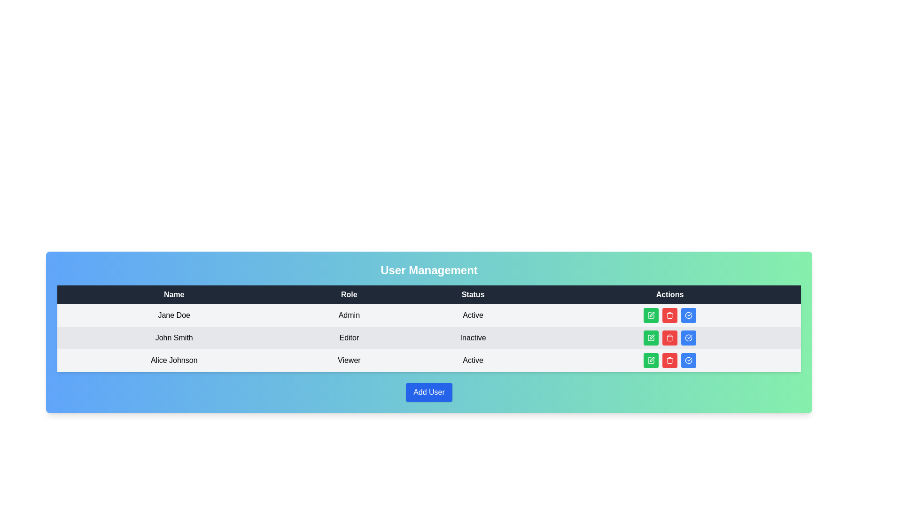 The image size is (902, 507). Describe the element at coordinates (669, 360) in the screenshot. I see `the red rectangular button with a trash bin icon located among the action buttons on the right-hand side of the interface, which is the second button in the sequence` at that location.